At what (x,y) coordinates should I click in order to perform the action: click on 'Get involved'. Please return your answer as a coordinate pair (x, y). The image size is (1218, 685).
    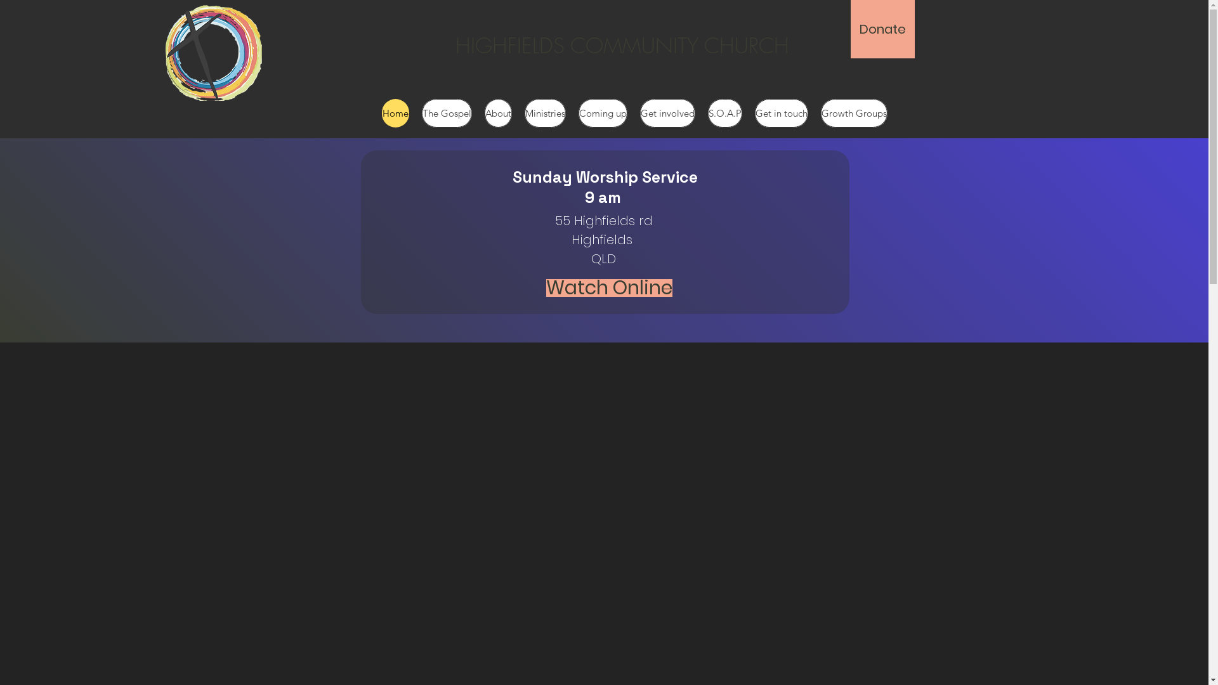
    Looking at the image, I should click on (639, 112).